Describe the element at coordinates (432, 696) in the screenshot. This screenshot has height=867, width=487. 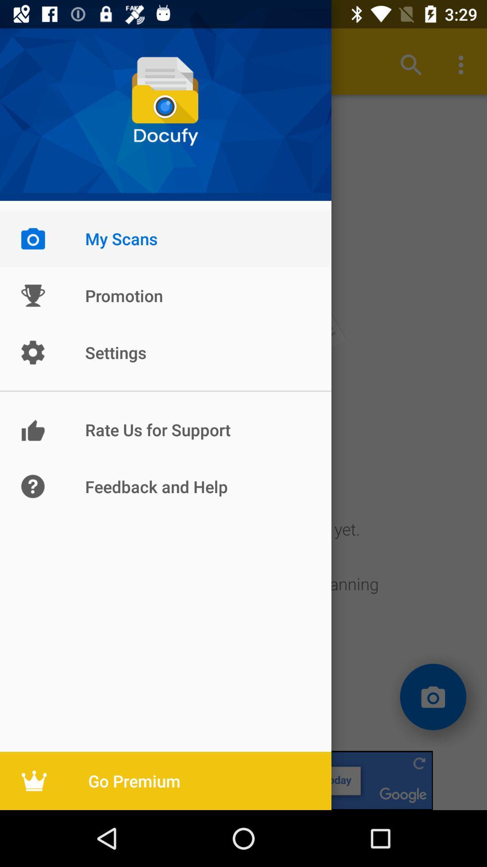
I see `camera icon which is at right bottom side of the page` at that location.